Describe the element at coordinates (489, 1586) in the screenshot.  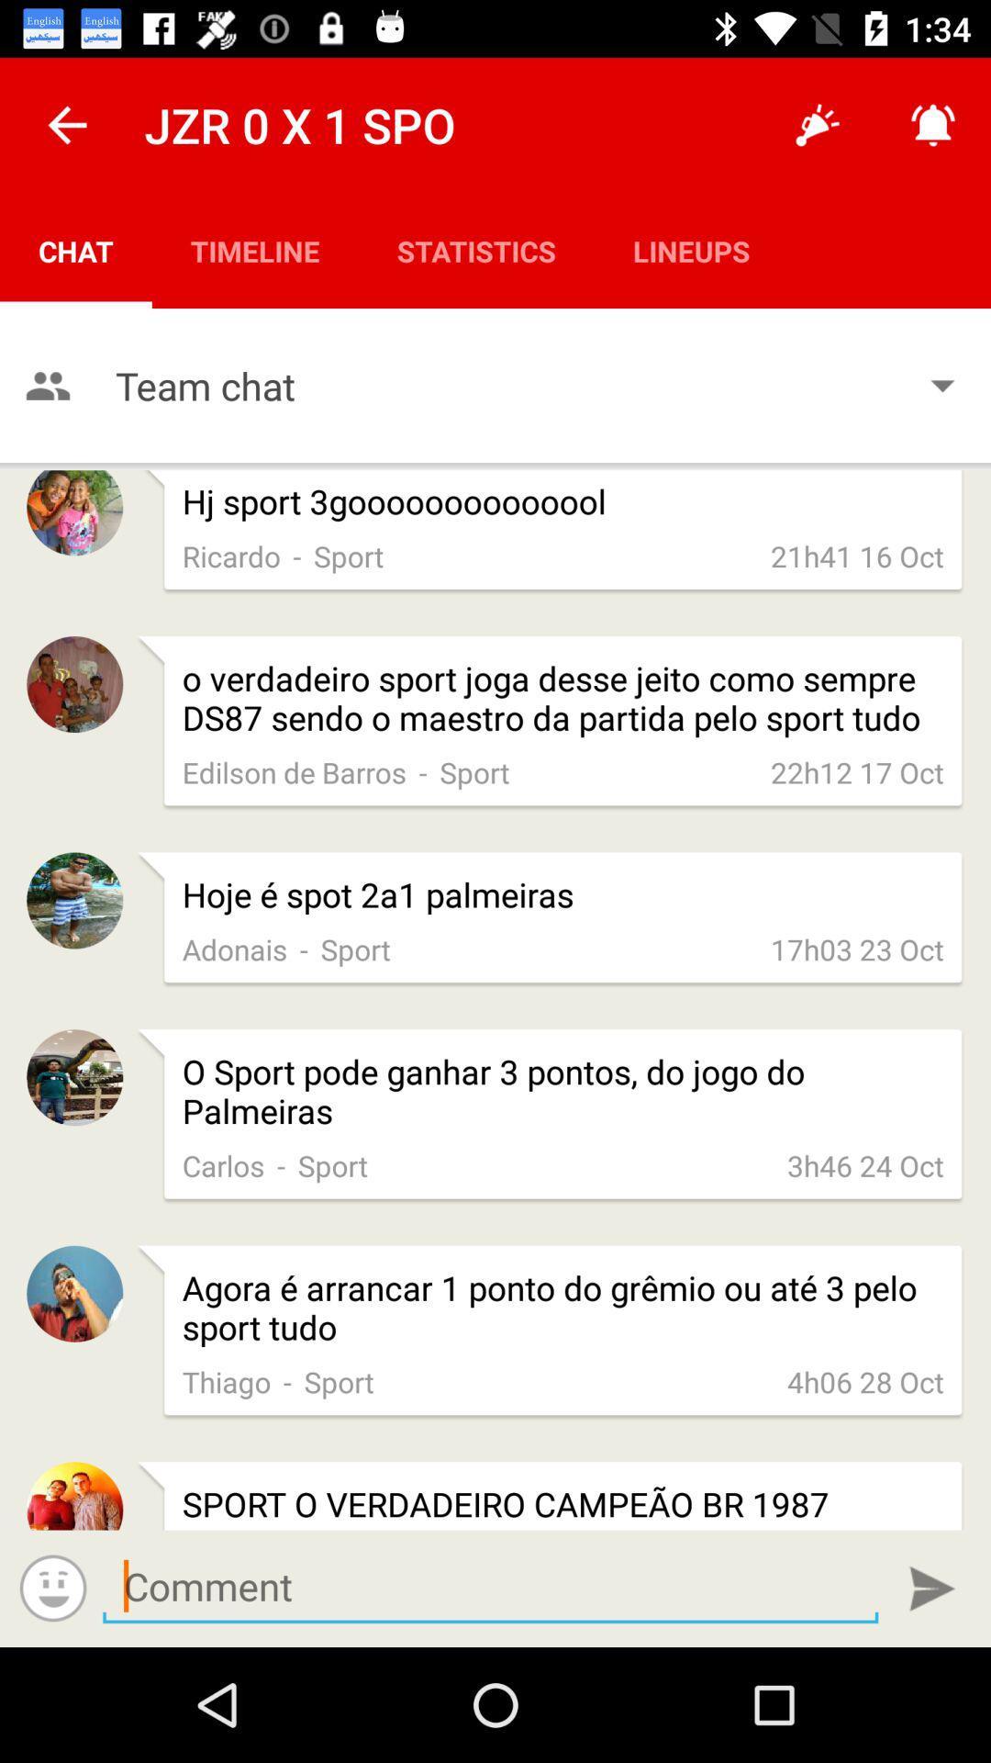
I see `write a comment` at that location.